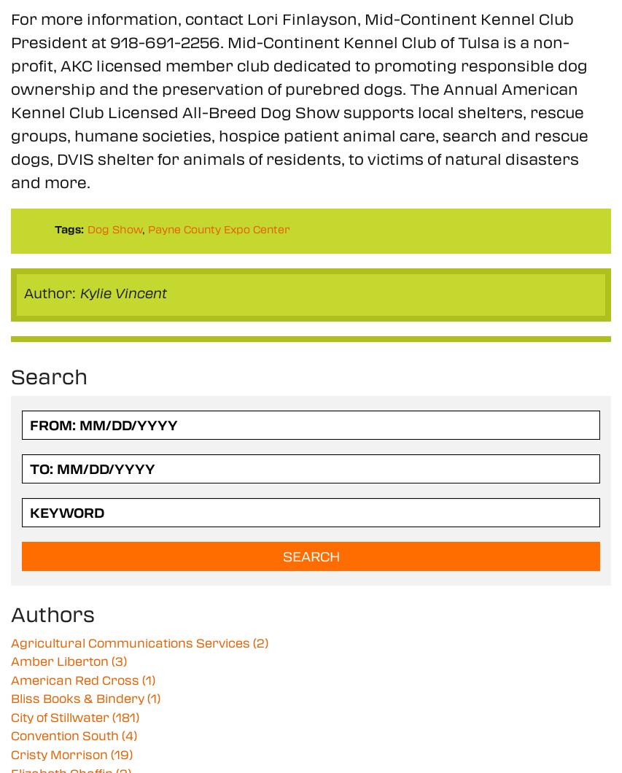  Describe the element at coordinates (10, 661) in the screenshot. I see `'Amber Liberton'` at that location.